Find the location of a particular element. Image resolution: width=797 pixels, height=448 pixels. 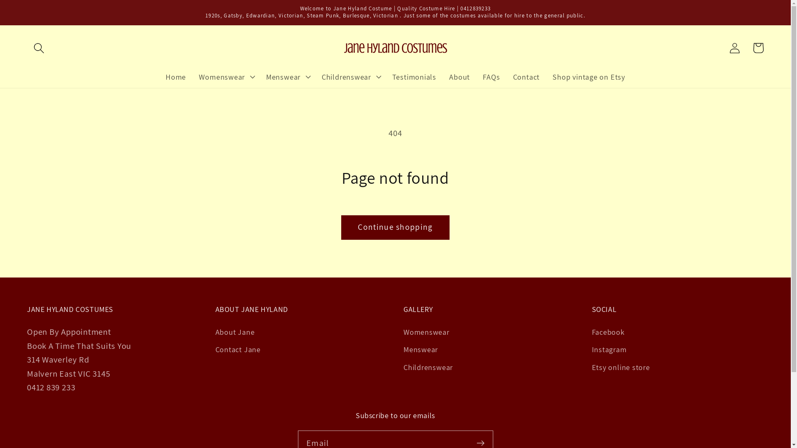

'Home' is located at coordinates (175, 77).